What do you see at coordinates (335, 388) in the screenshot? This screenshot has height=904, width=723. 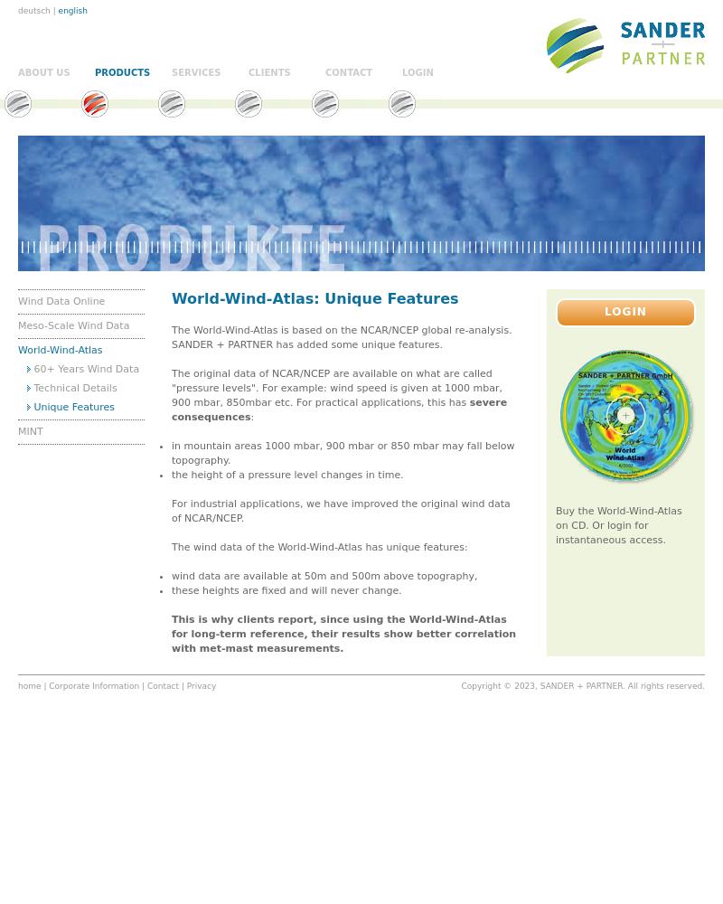 I see `'The original data of NCAR/NCEP are available on what are called "pressure 
levels". For example: wind speed is given at 1000 mbar, 900 mbar, 850mbar etc. 
For practical applications, this has'` at bounding box center [335, 388].